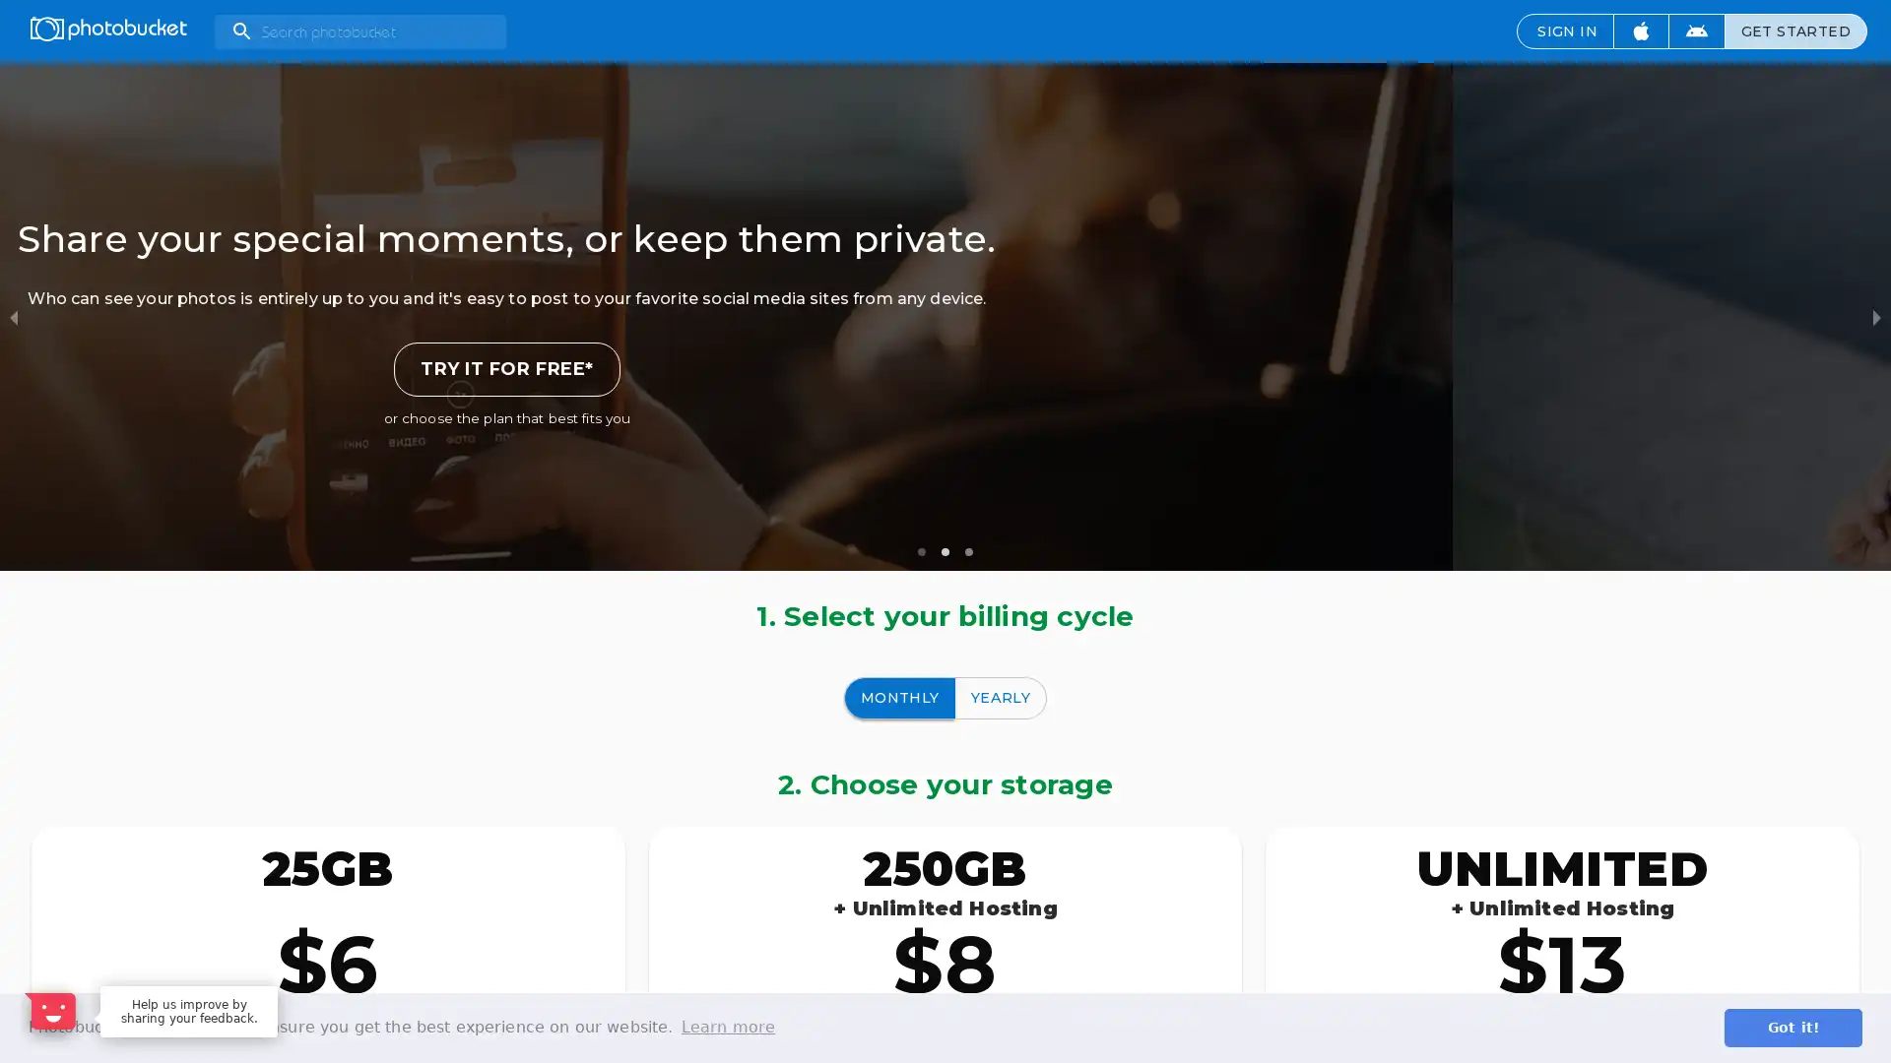  Describe the element at coordinates (1757, 985) in the screenshot. I see `Sure, happy to help` at that location.